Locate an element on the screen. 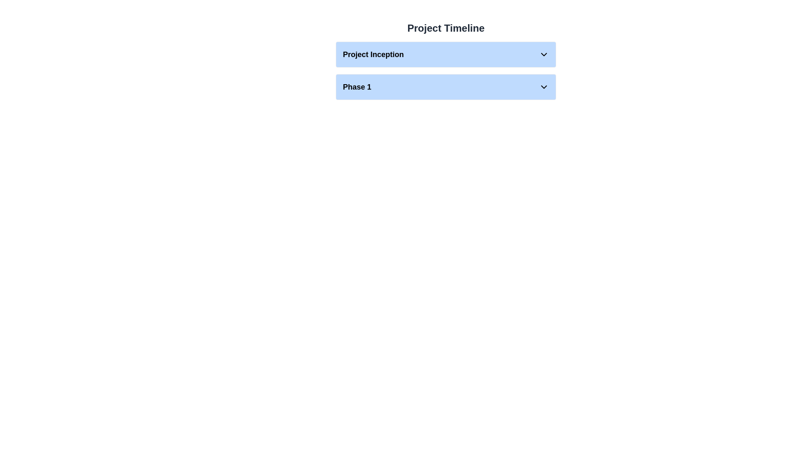  the second item in the vertical list of blocks, titled 'Phase 1' is located at coordinates (446, 87).